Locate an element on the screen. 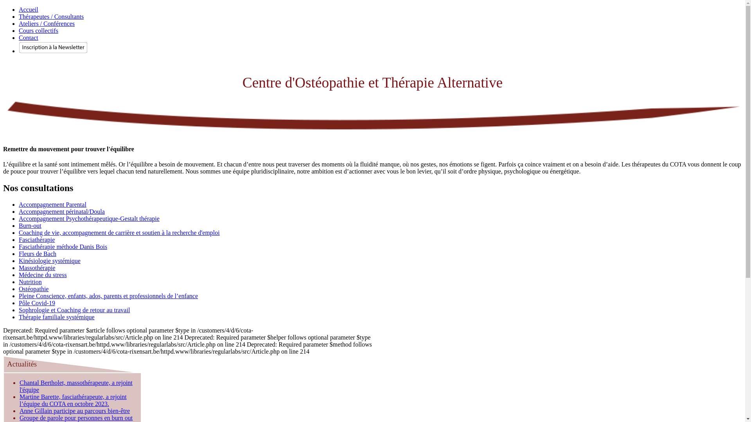 This screenshot has height=422, width=751. 'Sophrologie et Coaching de retour au travail' is located at coordinates (19, 309).